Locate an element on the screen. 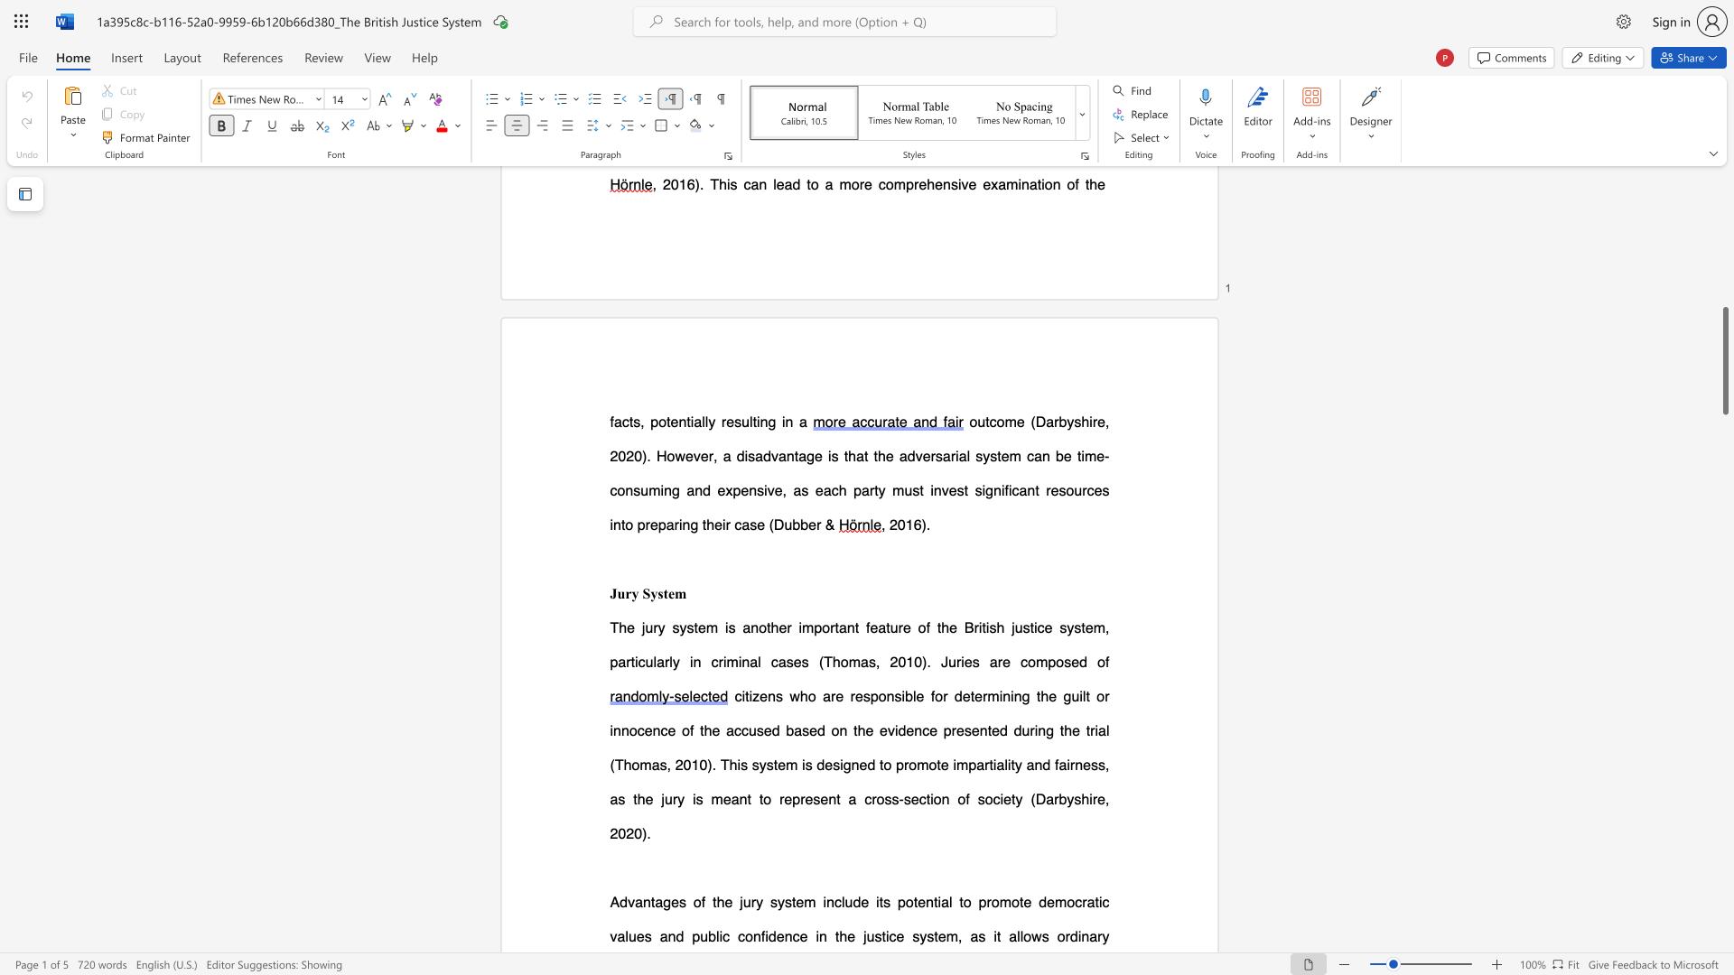 This screenshot has width=1734, height=975. the subset text "(Thomas, 2010). Juri" within the text "The jury system is another important feature of the British justice system, particularly in criminal cases (Thomas, 2010). Juries are composed of" is located at coordinates (817, 662).